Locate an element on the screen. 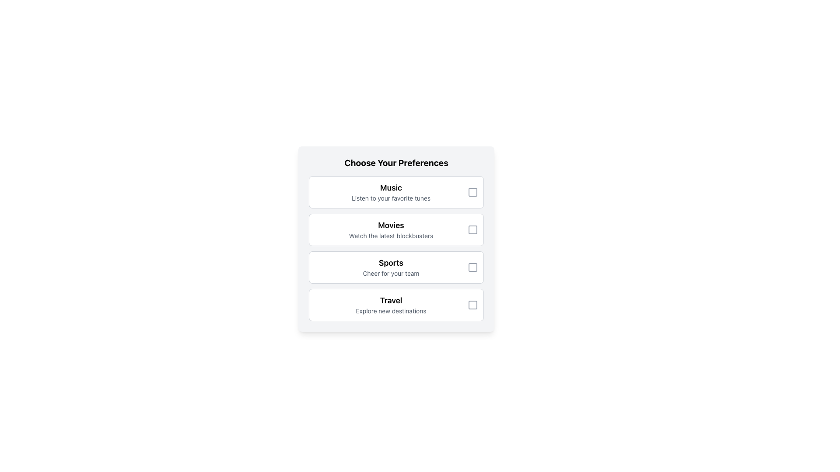  the checkbox located to the right of the text 'Explore new destinations' within the 'Travel' preference section is located at coordinates (472, 305).